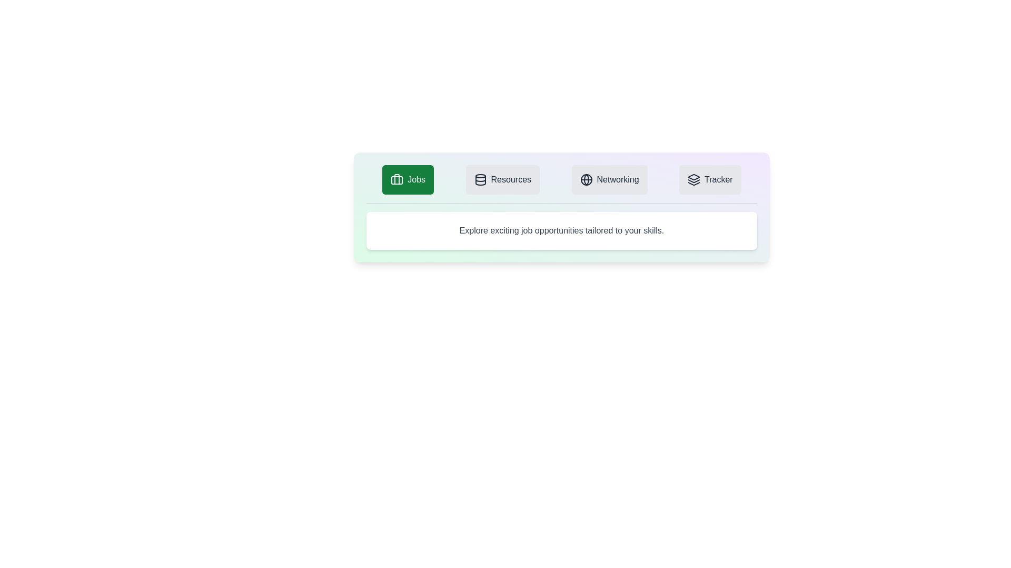 This screenshot has height=568, width=1011. Describe the element at coordinates (407, 179) in the screenshot. I see `the Jobs tab by clicking on it` at that location.